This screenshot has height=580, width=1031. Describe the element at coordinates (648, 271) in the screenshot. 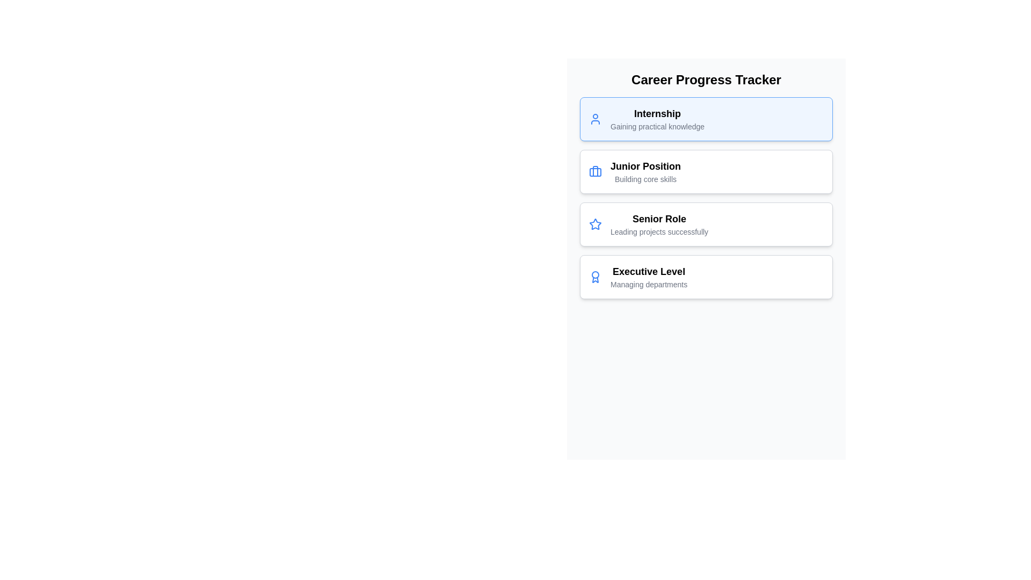

I see `text displayed as 'Executive Level', which is bold and prominently positioned as a header in the UI` at that location.